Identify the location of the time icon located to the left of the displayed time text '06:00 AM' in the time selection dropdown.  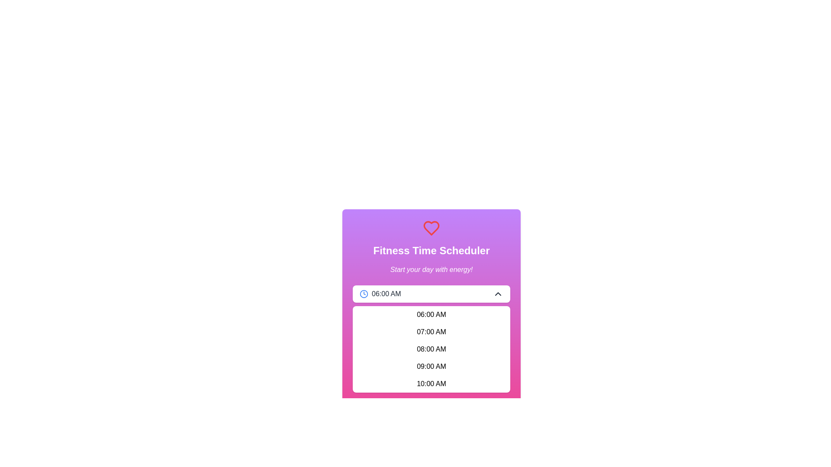
(364, 293).